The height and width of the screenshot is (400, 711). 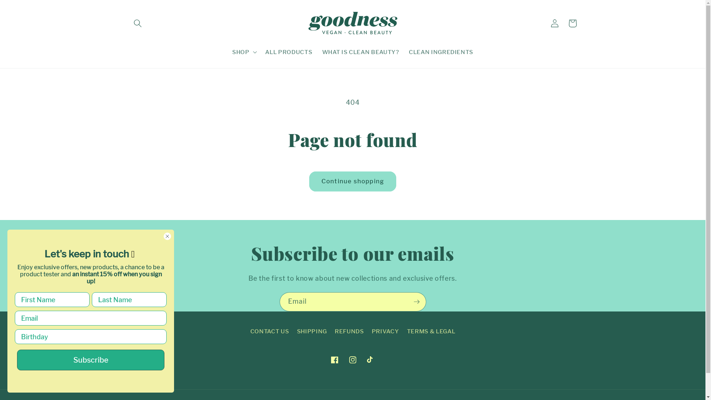 I want to click on 'Instagram', so click(x=352, y=359).